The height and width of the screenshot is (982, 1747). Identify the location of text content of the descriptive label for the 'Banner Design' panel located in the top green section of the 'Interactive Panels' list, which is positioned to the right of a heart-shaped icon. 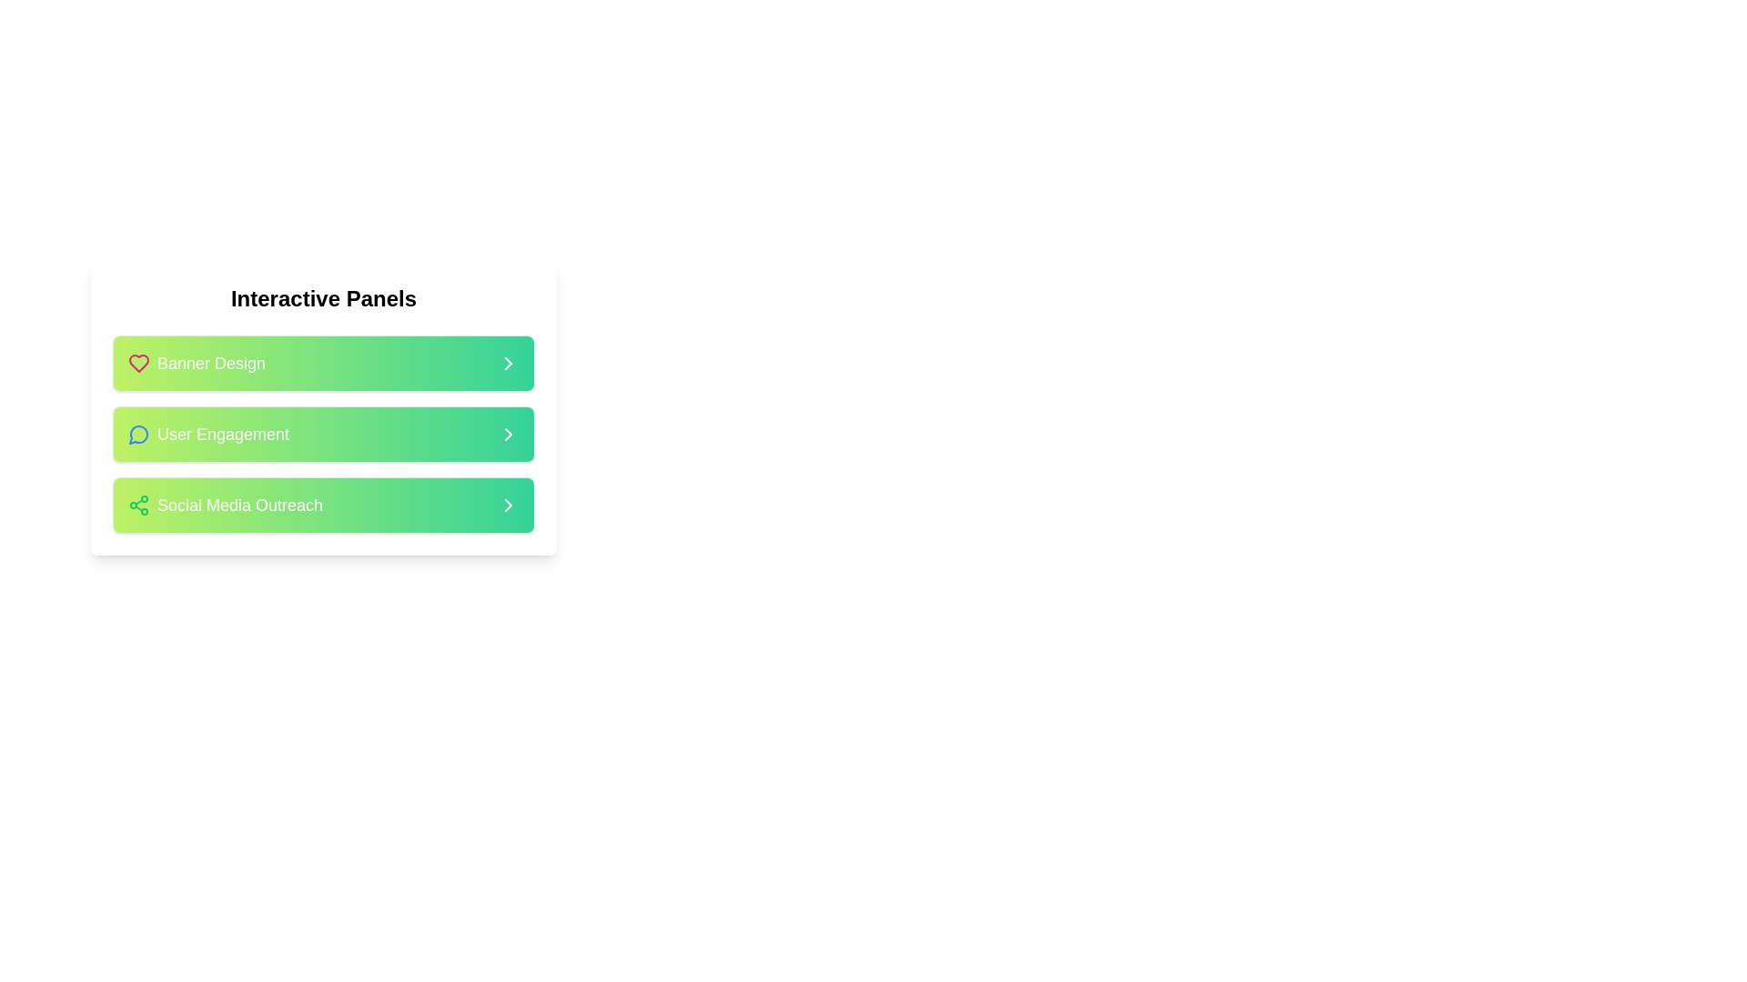
(211, 364).